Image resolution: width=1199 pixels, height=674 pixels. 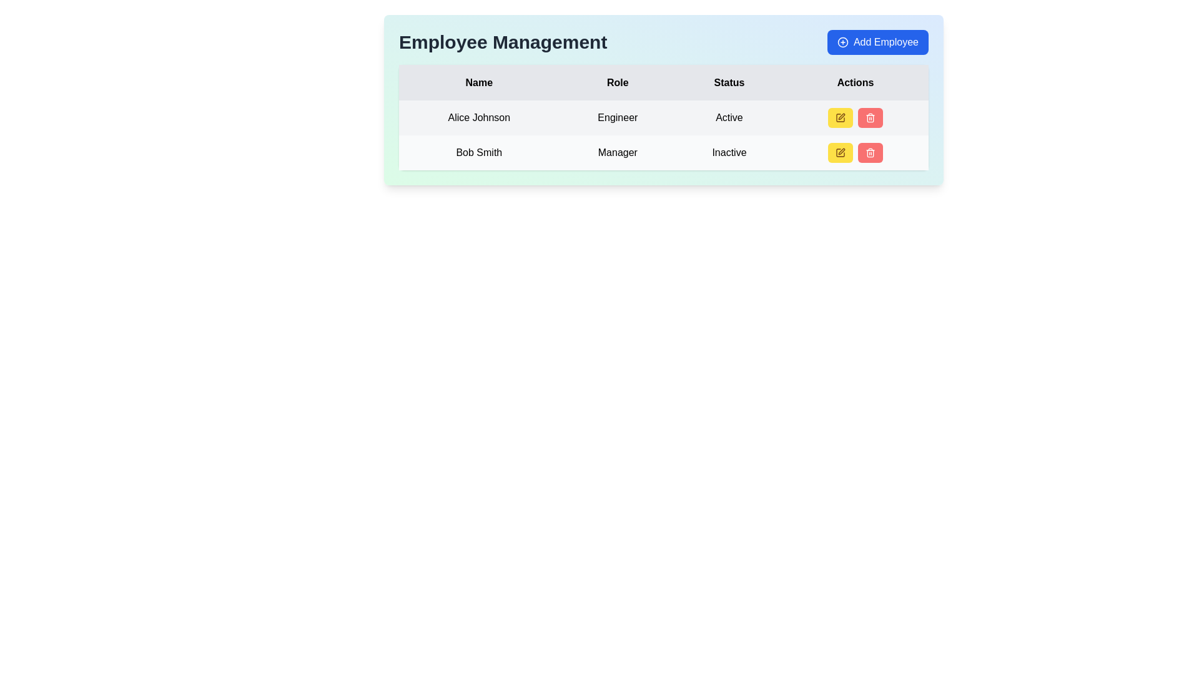 I want to click on the delete button located in the 'Actions' column of the second row in the table, so click(x=869, y=152).